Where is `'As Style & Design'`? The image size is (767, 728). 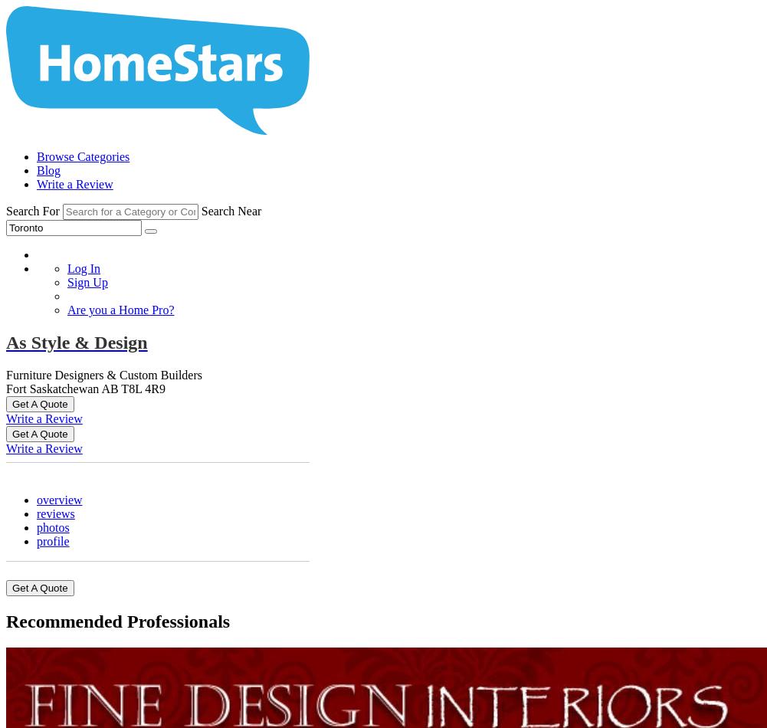 'As Style & Design' is located at coordinates (75, 341).